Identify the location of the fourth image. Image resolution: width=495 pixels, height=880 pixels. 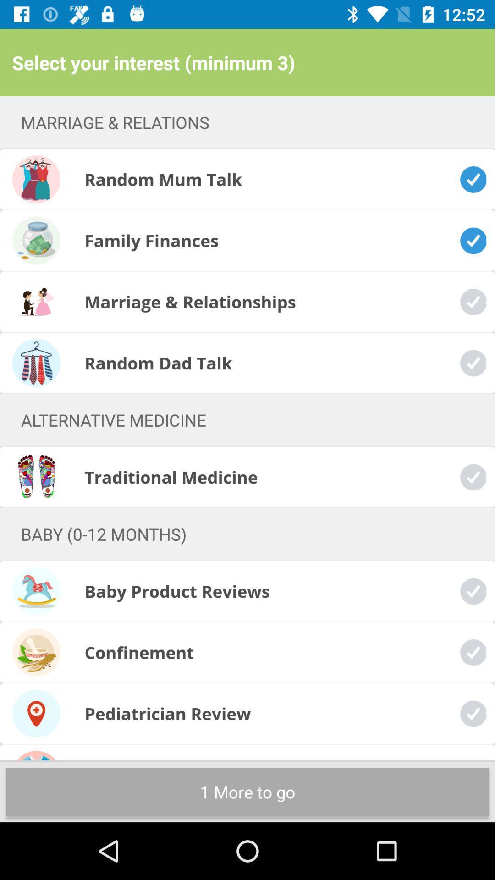
(36, 363).